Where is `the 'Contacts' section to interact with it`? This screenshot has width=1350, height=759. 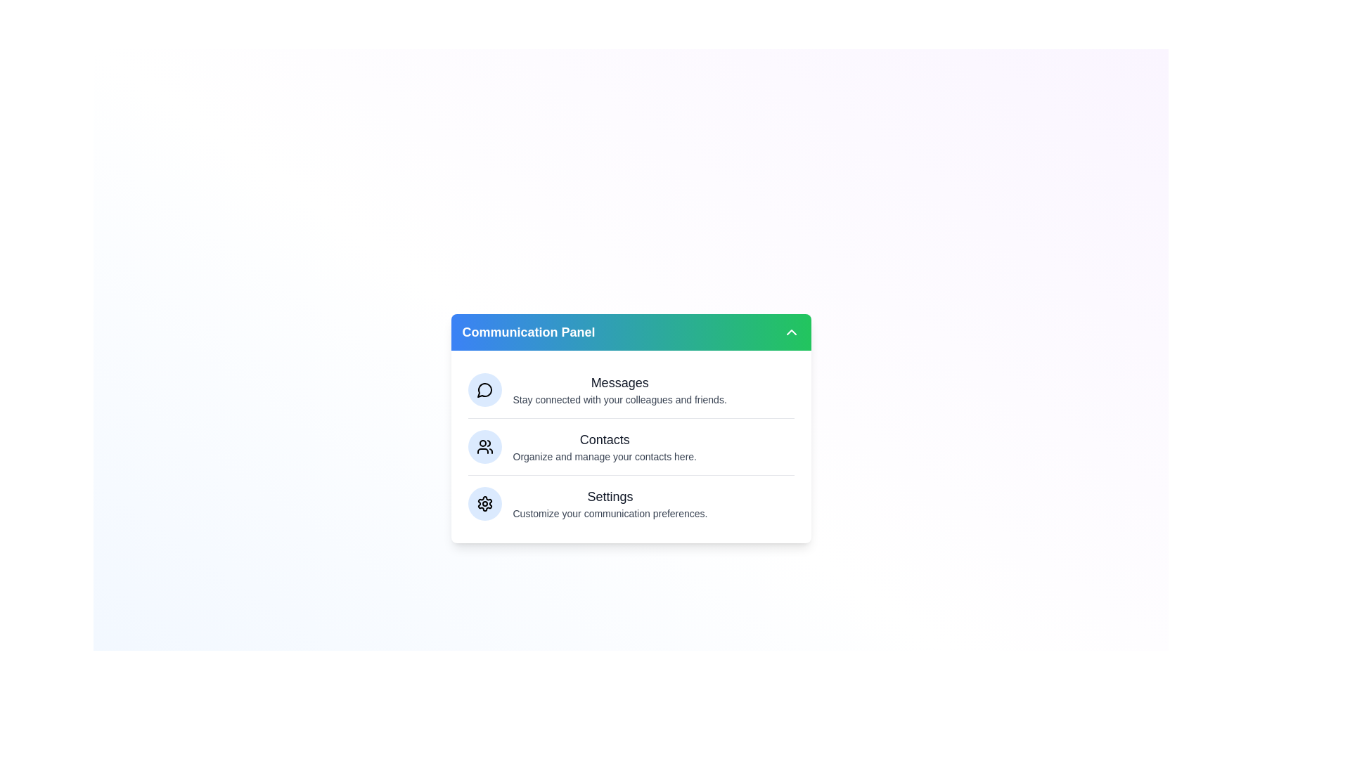 the 'Contacts' section to interact with it is located at coordinates (630, 446).